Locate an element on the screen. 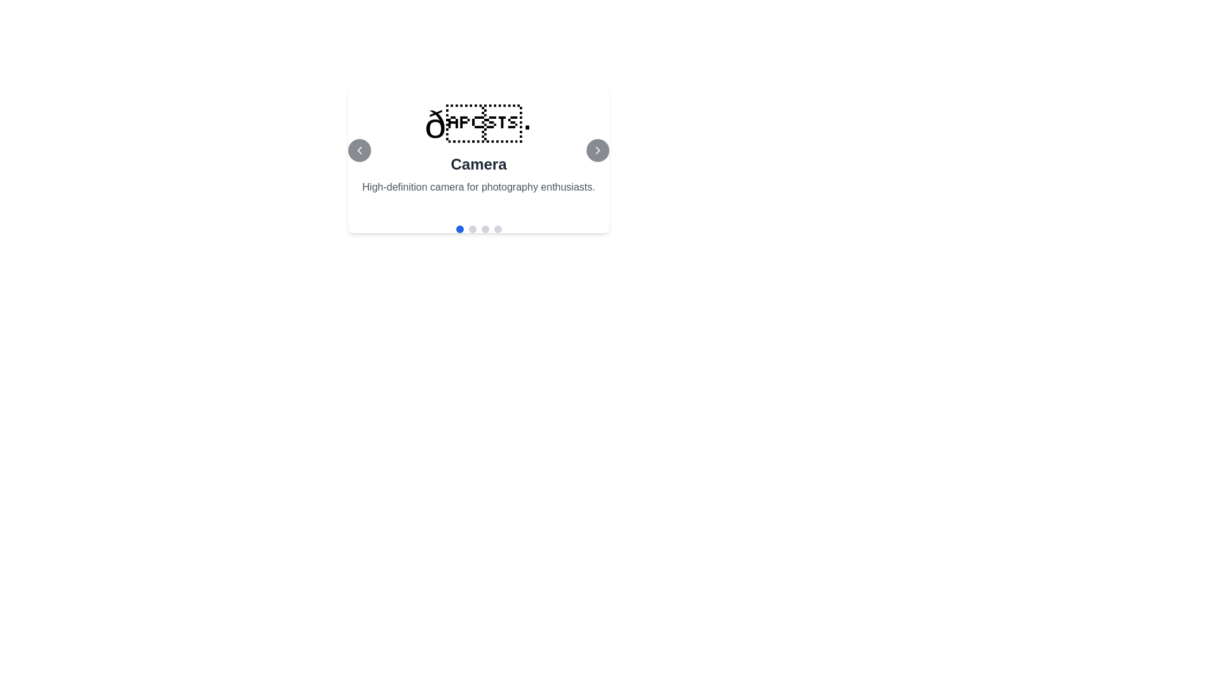  the fourth circular Navigation indicator (dot) which is light gray and measures 12x12 pixels, located beneath the displayed text description and imagery is located at coordinates (497, 229).